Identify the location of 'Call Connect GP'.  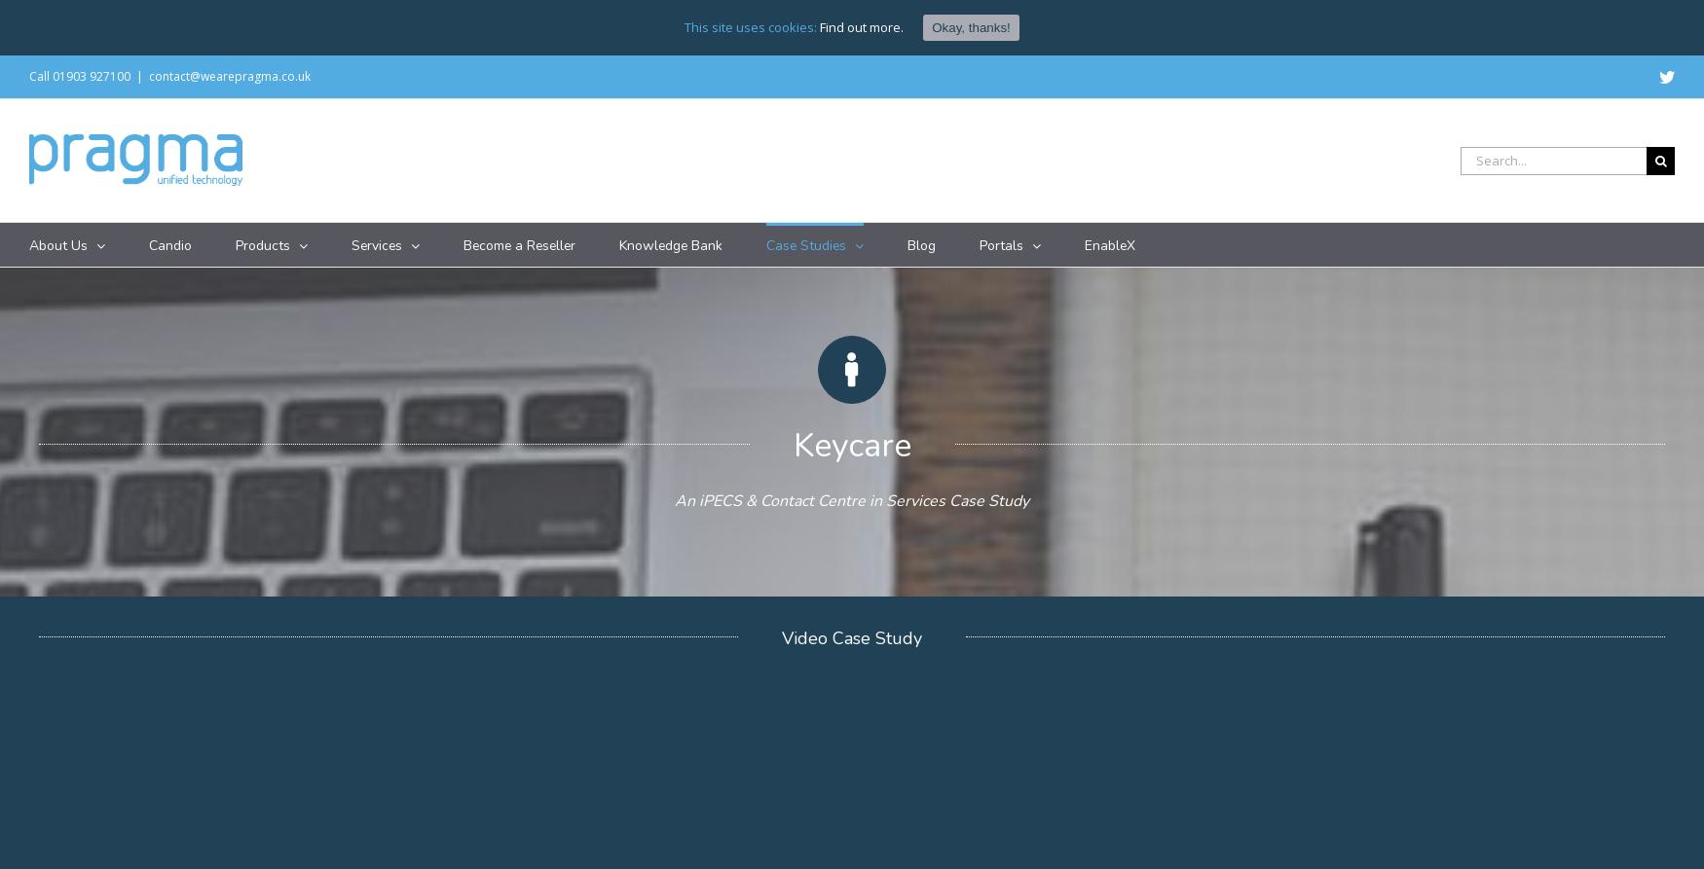
(605, 387).